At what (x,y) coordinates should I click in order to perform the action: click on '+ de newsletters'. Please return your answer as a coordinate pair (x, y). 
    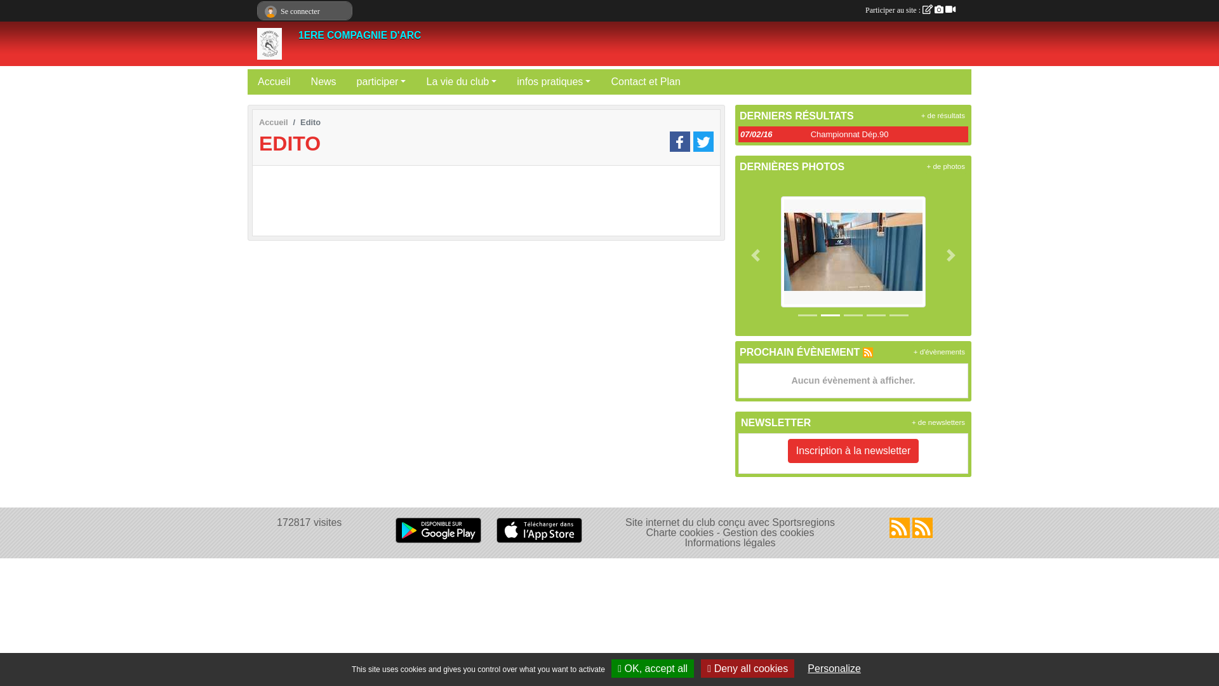
    Looking at the image, I should click on (938, 422).